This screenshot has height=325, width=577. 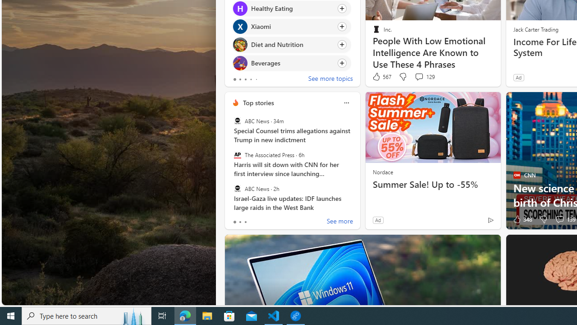 What do you see at coordinates (346, 102) in the screenshot?
I see `'Class: icon-img'` at bounding box center [346, 102].